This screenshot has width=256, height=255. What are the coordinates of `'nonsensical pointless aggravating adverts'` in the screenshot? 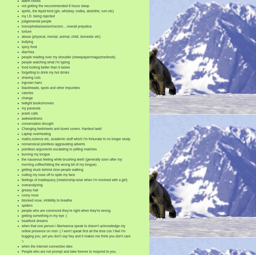 It's located at (53, 144).